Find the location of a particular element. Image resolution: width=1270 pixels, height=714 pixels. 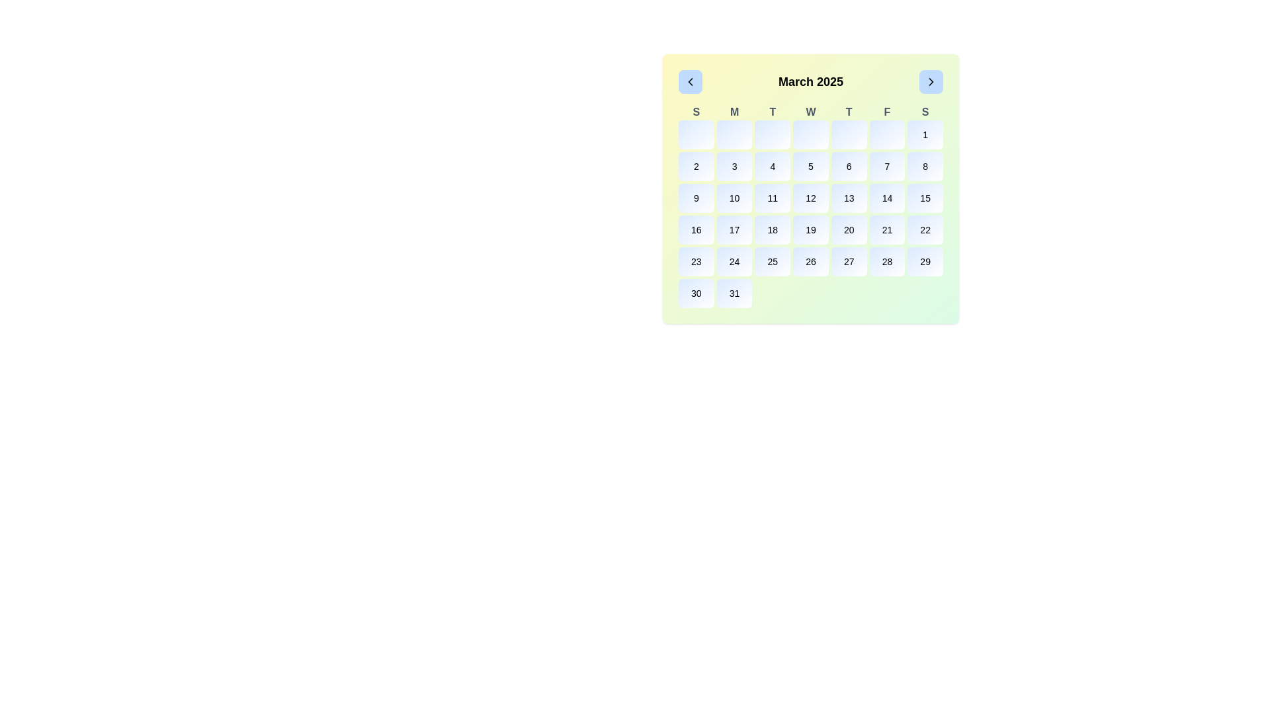

the button representing the selectable day '7' in the calendar interface, located on the second row, Friday column is located at coordinates (887, 165).